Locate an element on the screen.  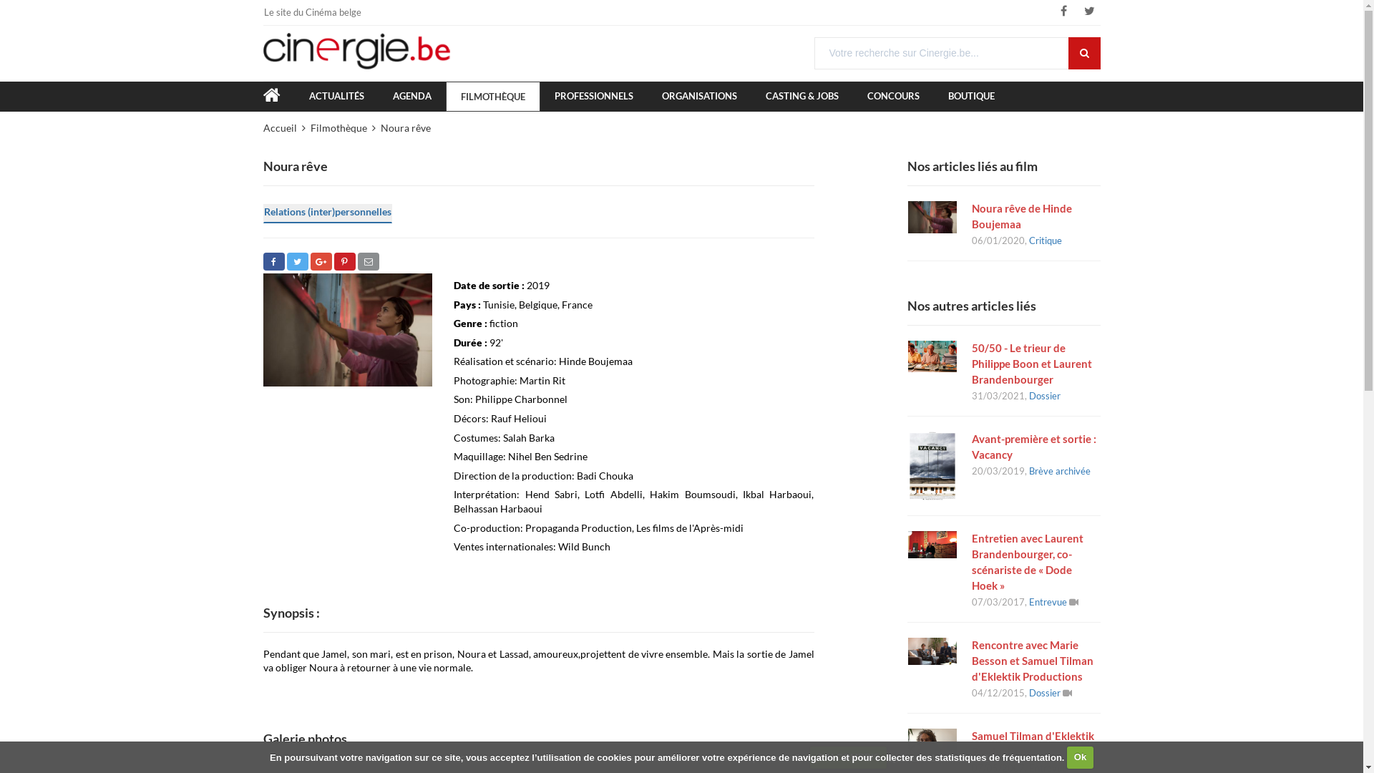
'Relations (inter)personnelles' is located at coordinates (263, 213).